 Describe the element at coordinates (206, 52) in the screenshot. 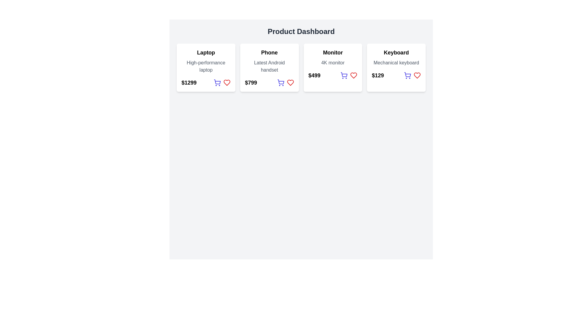

I see `the bold text label displaying 'Laptop' at the top of the product card` at that location.